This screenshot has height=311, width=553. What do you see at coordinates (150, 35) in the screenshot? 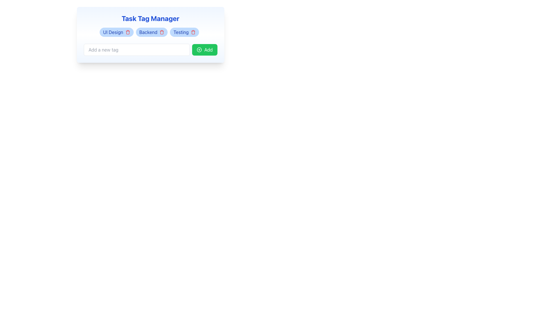
I see `the 'Backend' tag label, which is the second label in a row of three under the 'Task Tag Manager' header` at bounding box center [150, 35].